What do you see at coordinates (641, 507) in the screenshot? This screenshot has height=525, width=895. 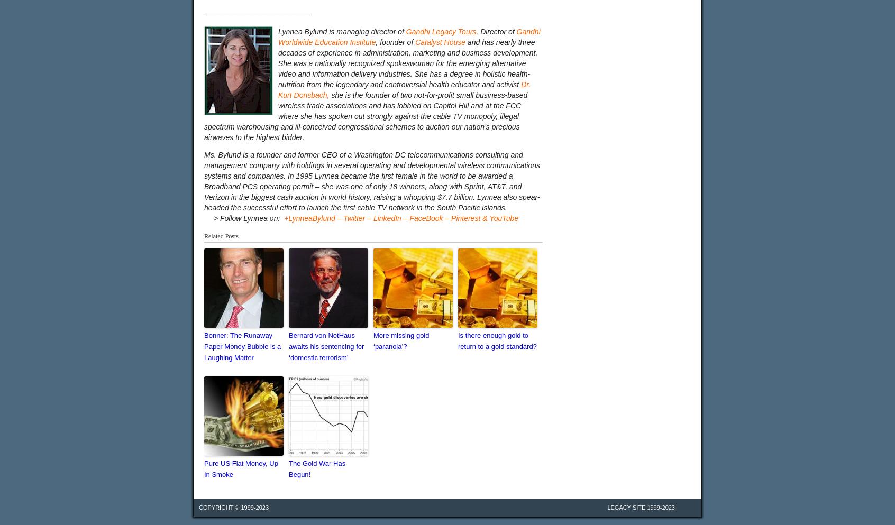 I see `'legacy site 1999-2023'` at bounding box center [641, 507].